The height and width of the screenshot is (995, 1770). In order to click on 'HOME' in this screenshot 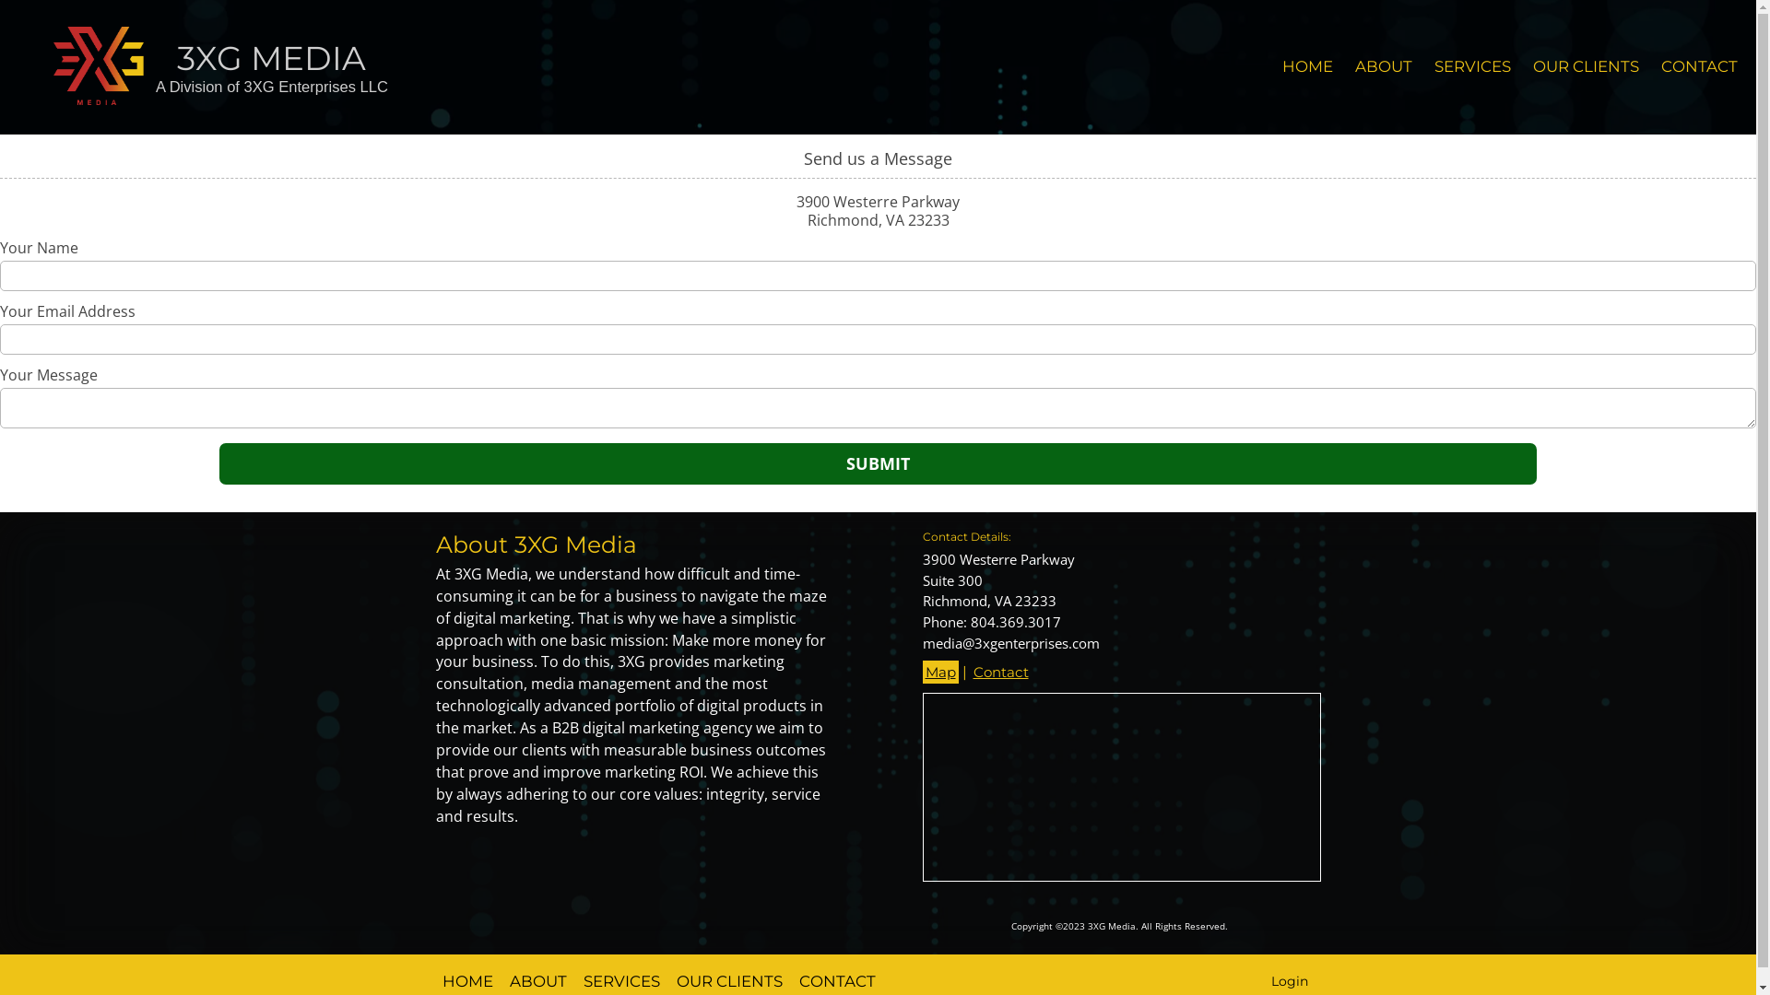, I will do `click(1306, 66)`.